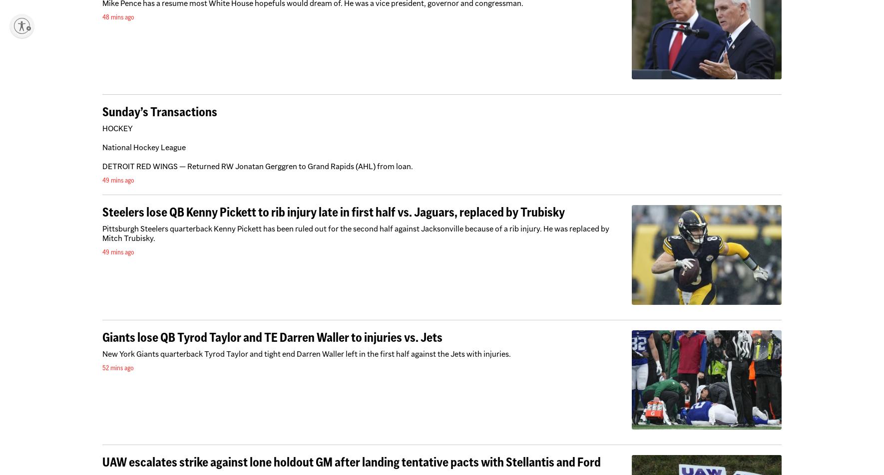 The image size is (884, 475). Describe the element at coordinates (159, 111) in the screenshot. I see `'Sunday’s Transactions'` at that location.